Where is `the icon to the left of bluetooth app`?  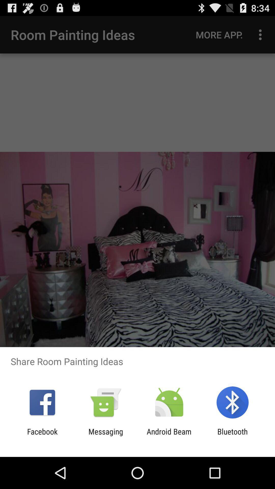 the icon to the left of bluetooth app is located at coordinates (169, 436).